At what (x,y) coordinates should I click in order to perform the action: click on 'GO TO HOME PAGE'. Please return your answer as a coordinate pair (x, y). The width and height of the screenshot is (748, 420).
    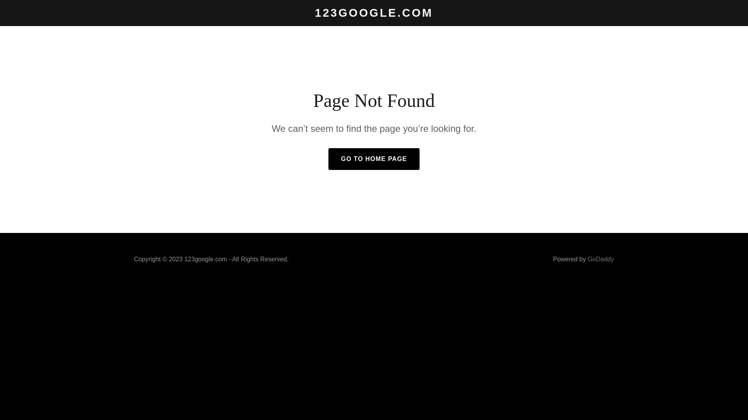
    Looking at the image, I should click on (328, 158).